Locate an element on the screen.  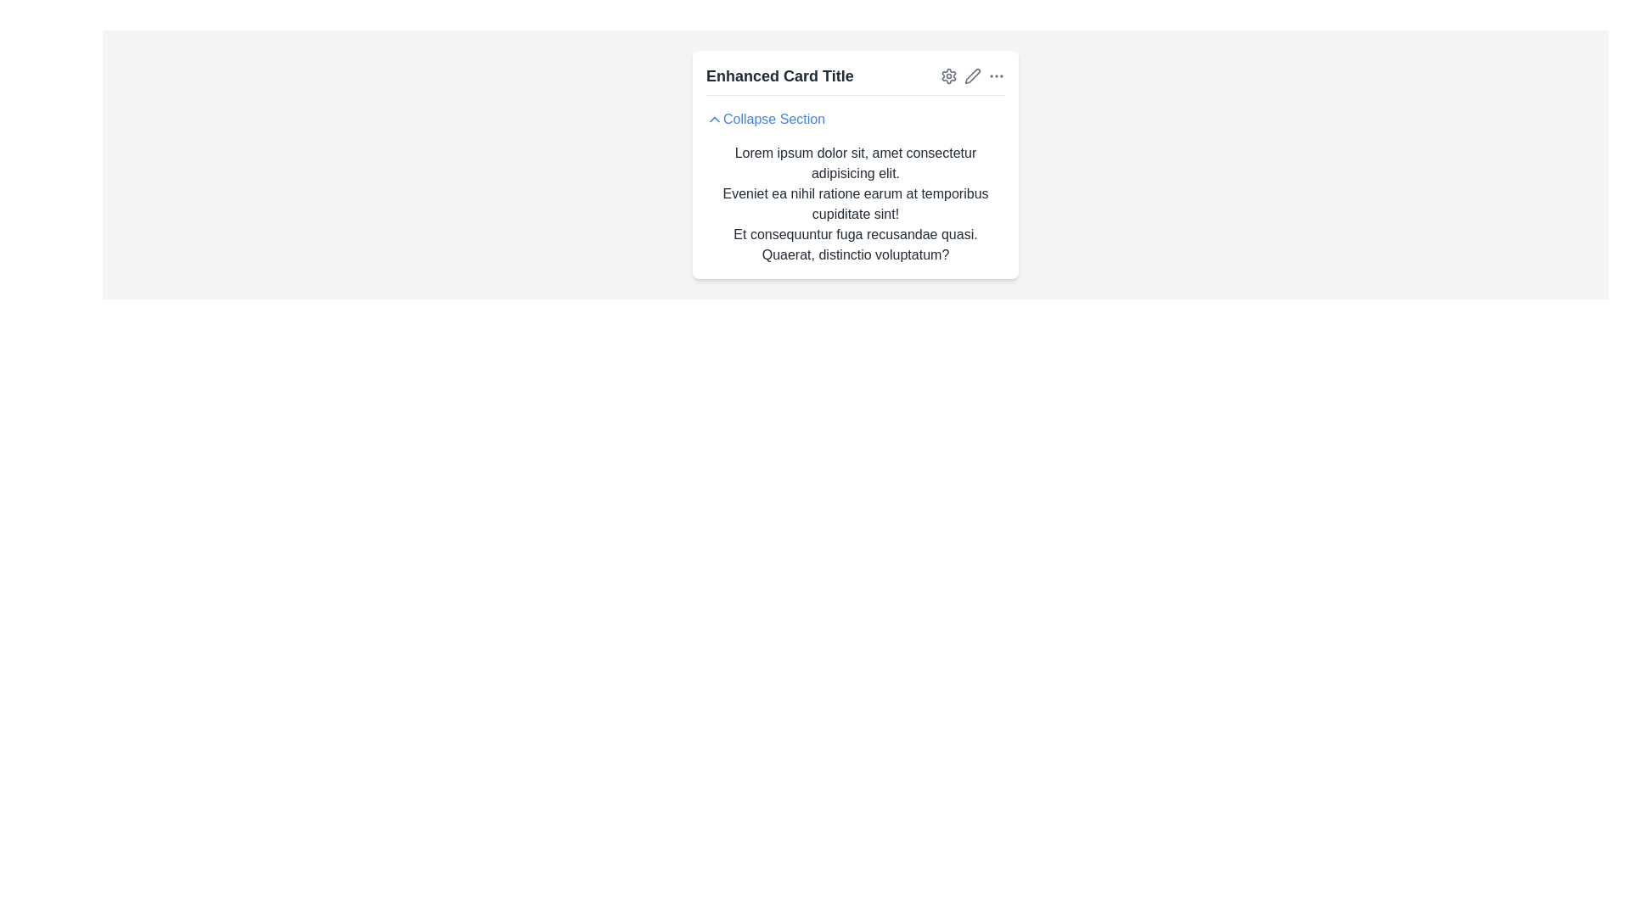
the text element containing the sentence 'Et consequuntur fuga recusandae quasi. Quaerat, distinctio voluptatum?' located at the bottom of the card labeled 'Enhanced Card Title' is located at coordinates (856, 245).